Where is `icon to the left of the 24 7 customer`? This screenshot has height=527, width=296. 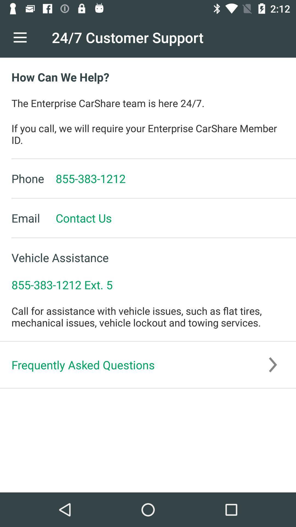
icon to the left of the 24 7 customer is located at coordinates (20, 37).